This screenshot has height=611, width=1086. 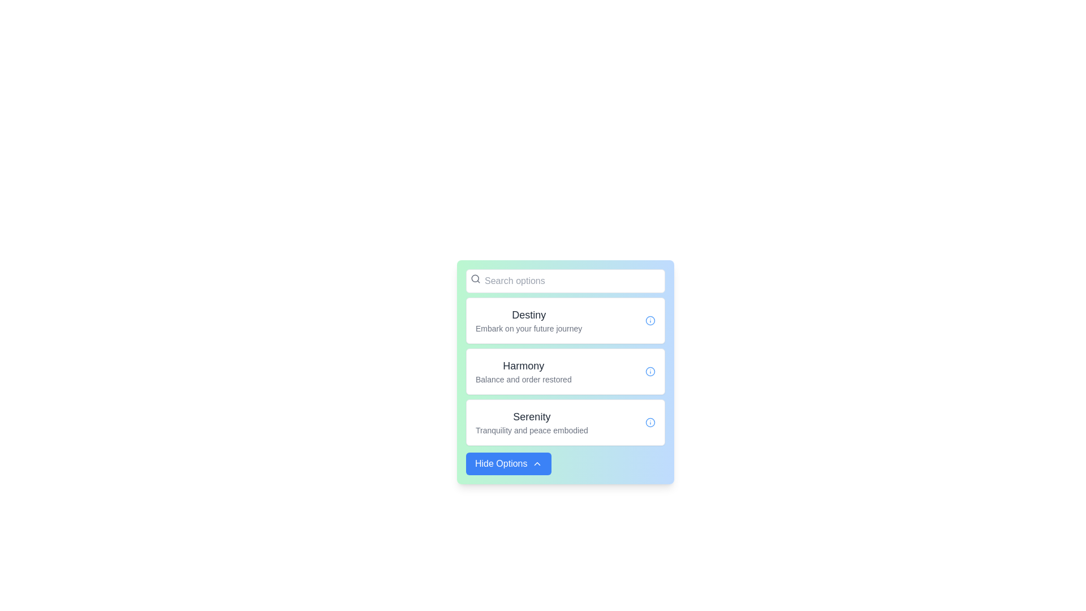 I want to click on the descriptive text label for the 'Destiny' category, which is positioned directly beneath the 'Destiny' text and is centered in the second row of a vertical list of options, so click(x=528, y=329).